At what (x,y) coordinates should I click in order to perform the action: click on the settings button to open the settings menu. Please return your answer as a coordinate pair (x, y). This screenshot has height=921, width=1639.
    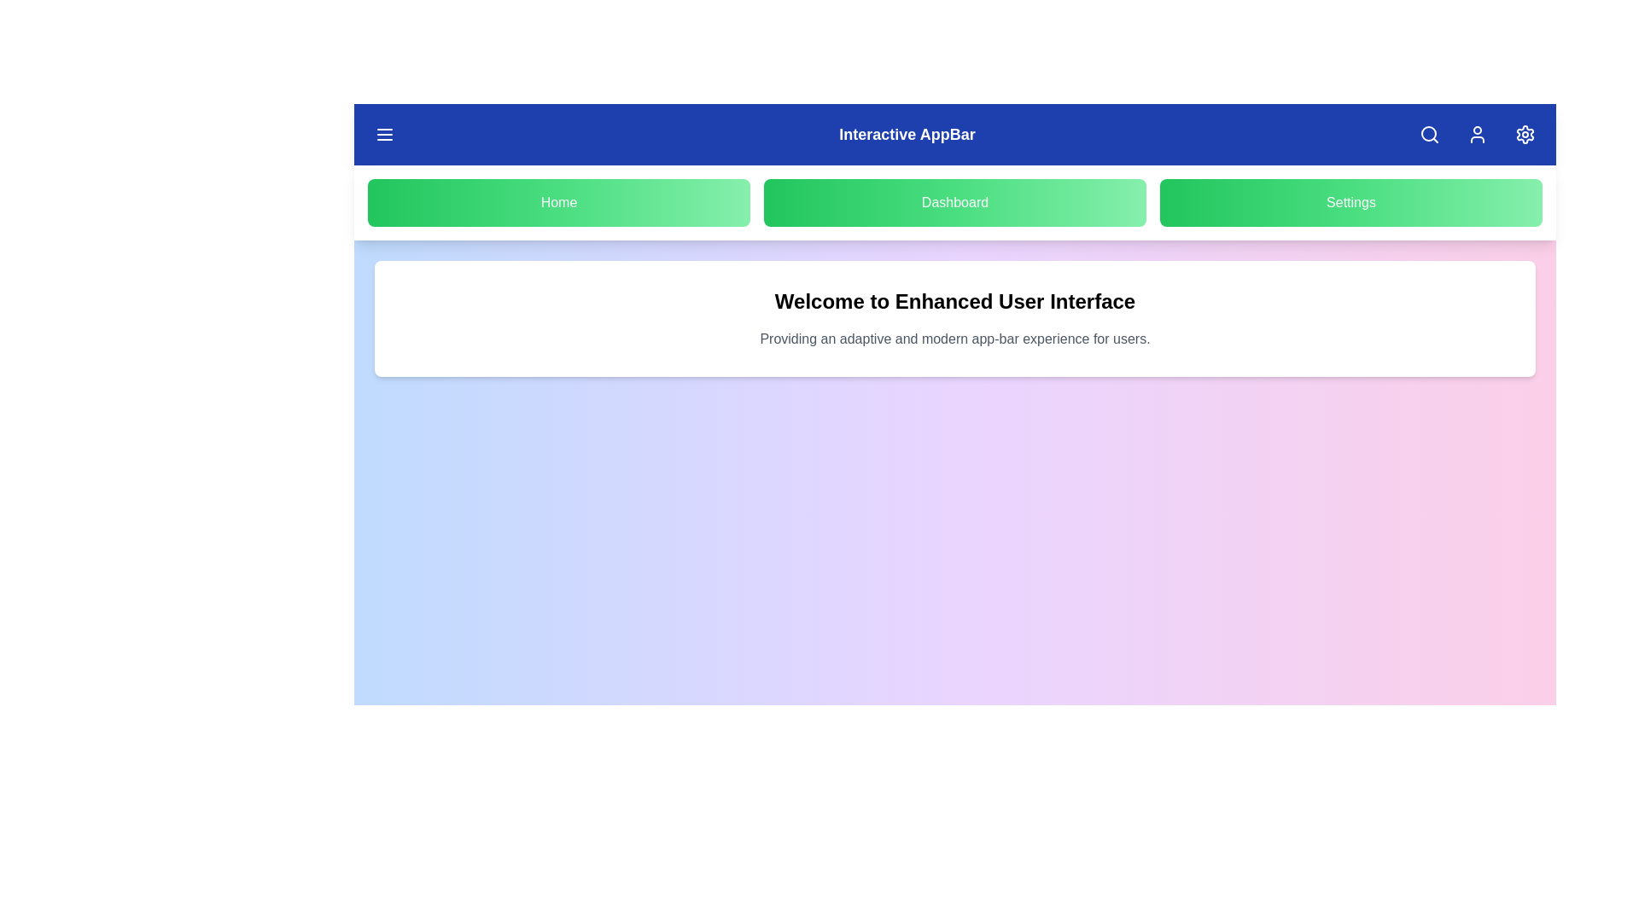
    Looking at the image, I should click on (1525, 134).